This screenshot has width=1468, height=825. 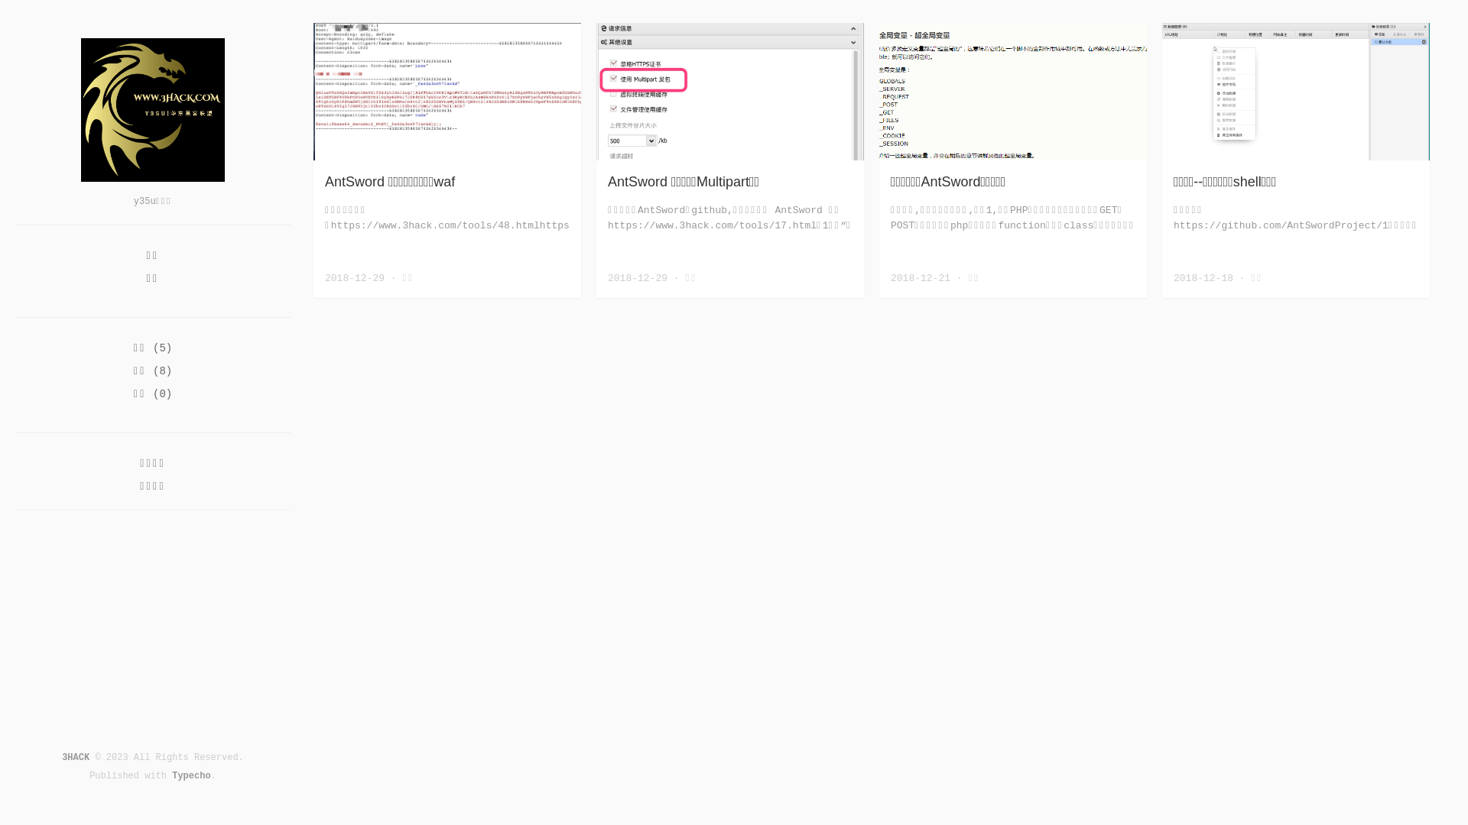 I want to click on '3HACK', so click(x=75, y=757).